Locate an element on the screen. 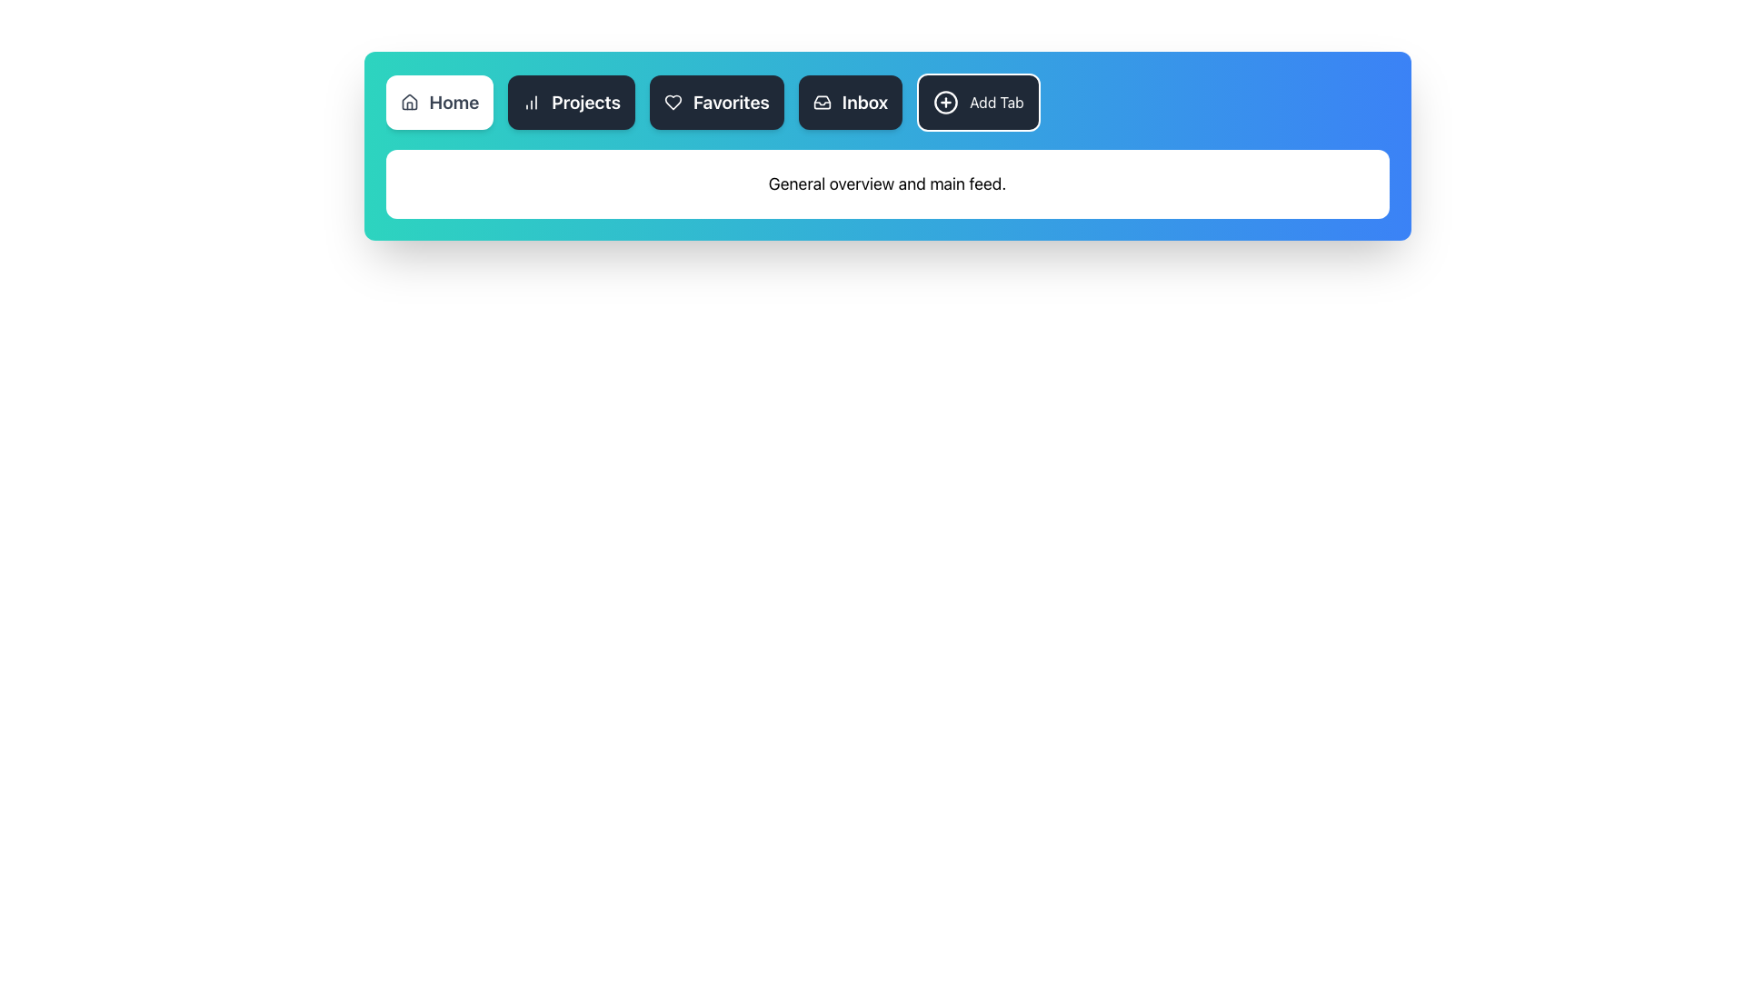 This screenshot has width=1745, height=981. the heart-shaped icon within the 'Favorites' button, which is the third button from the left in the top navigation bar is located at coordinates (672, 102).